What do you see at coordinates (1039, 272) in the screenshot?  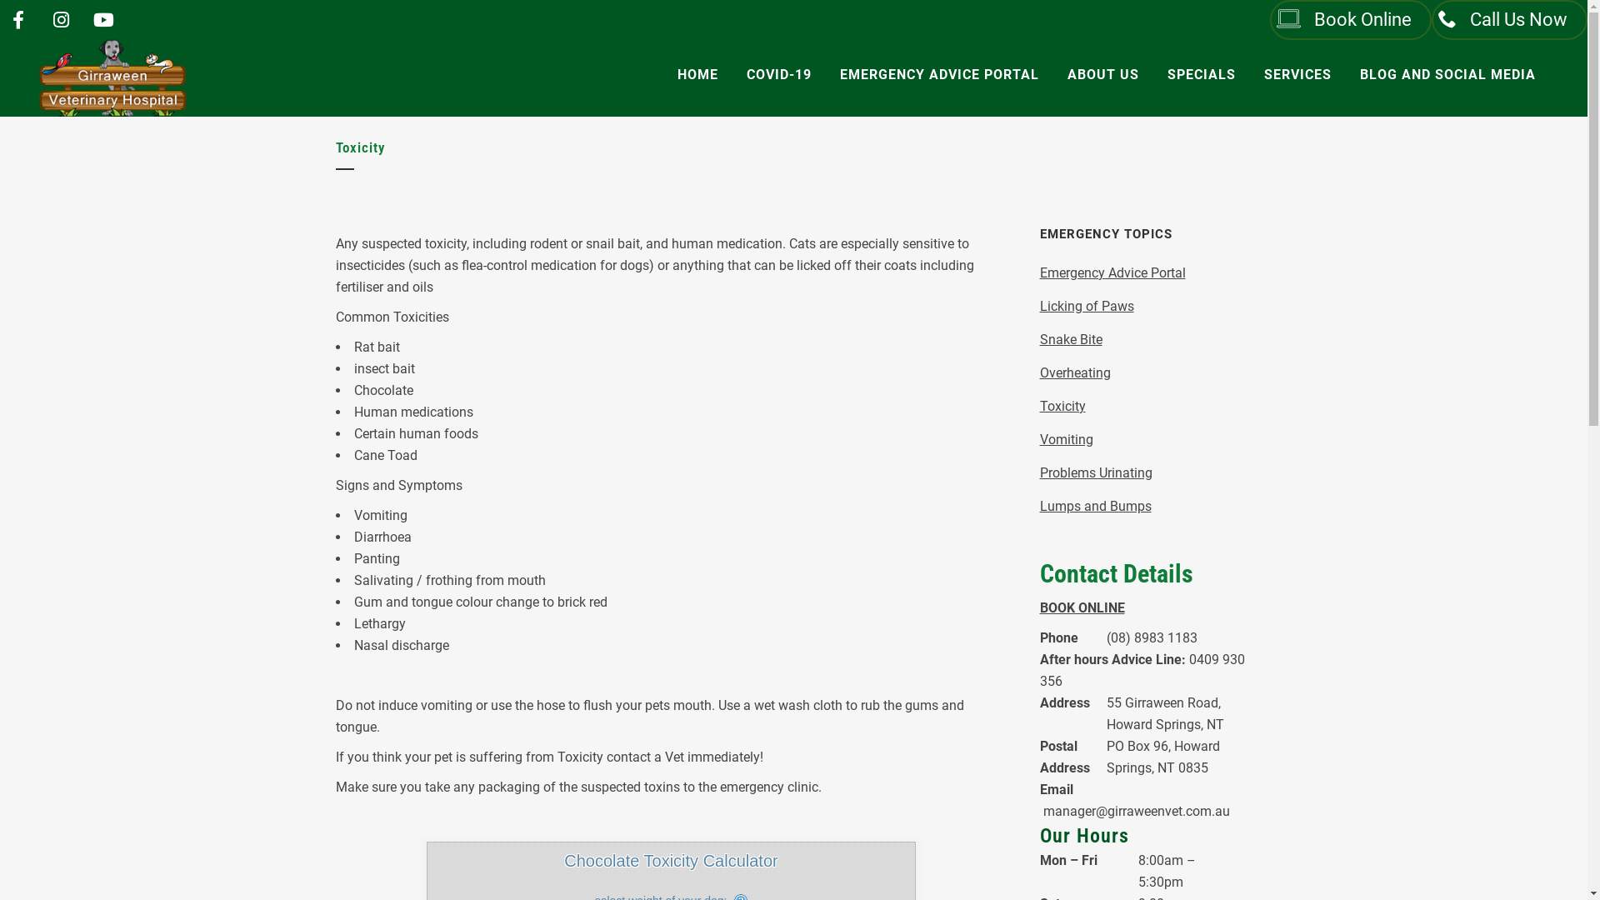 I see `'Emergency Advice Portal'` at bounding box center [1039, 272].